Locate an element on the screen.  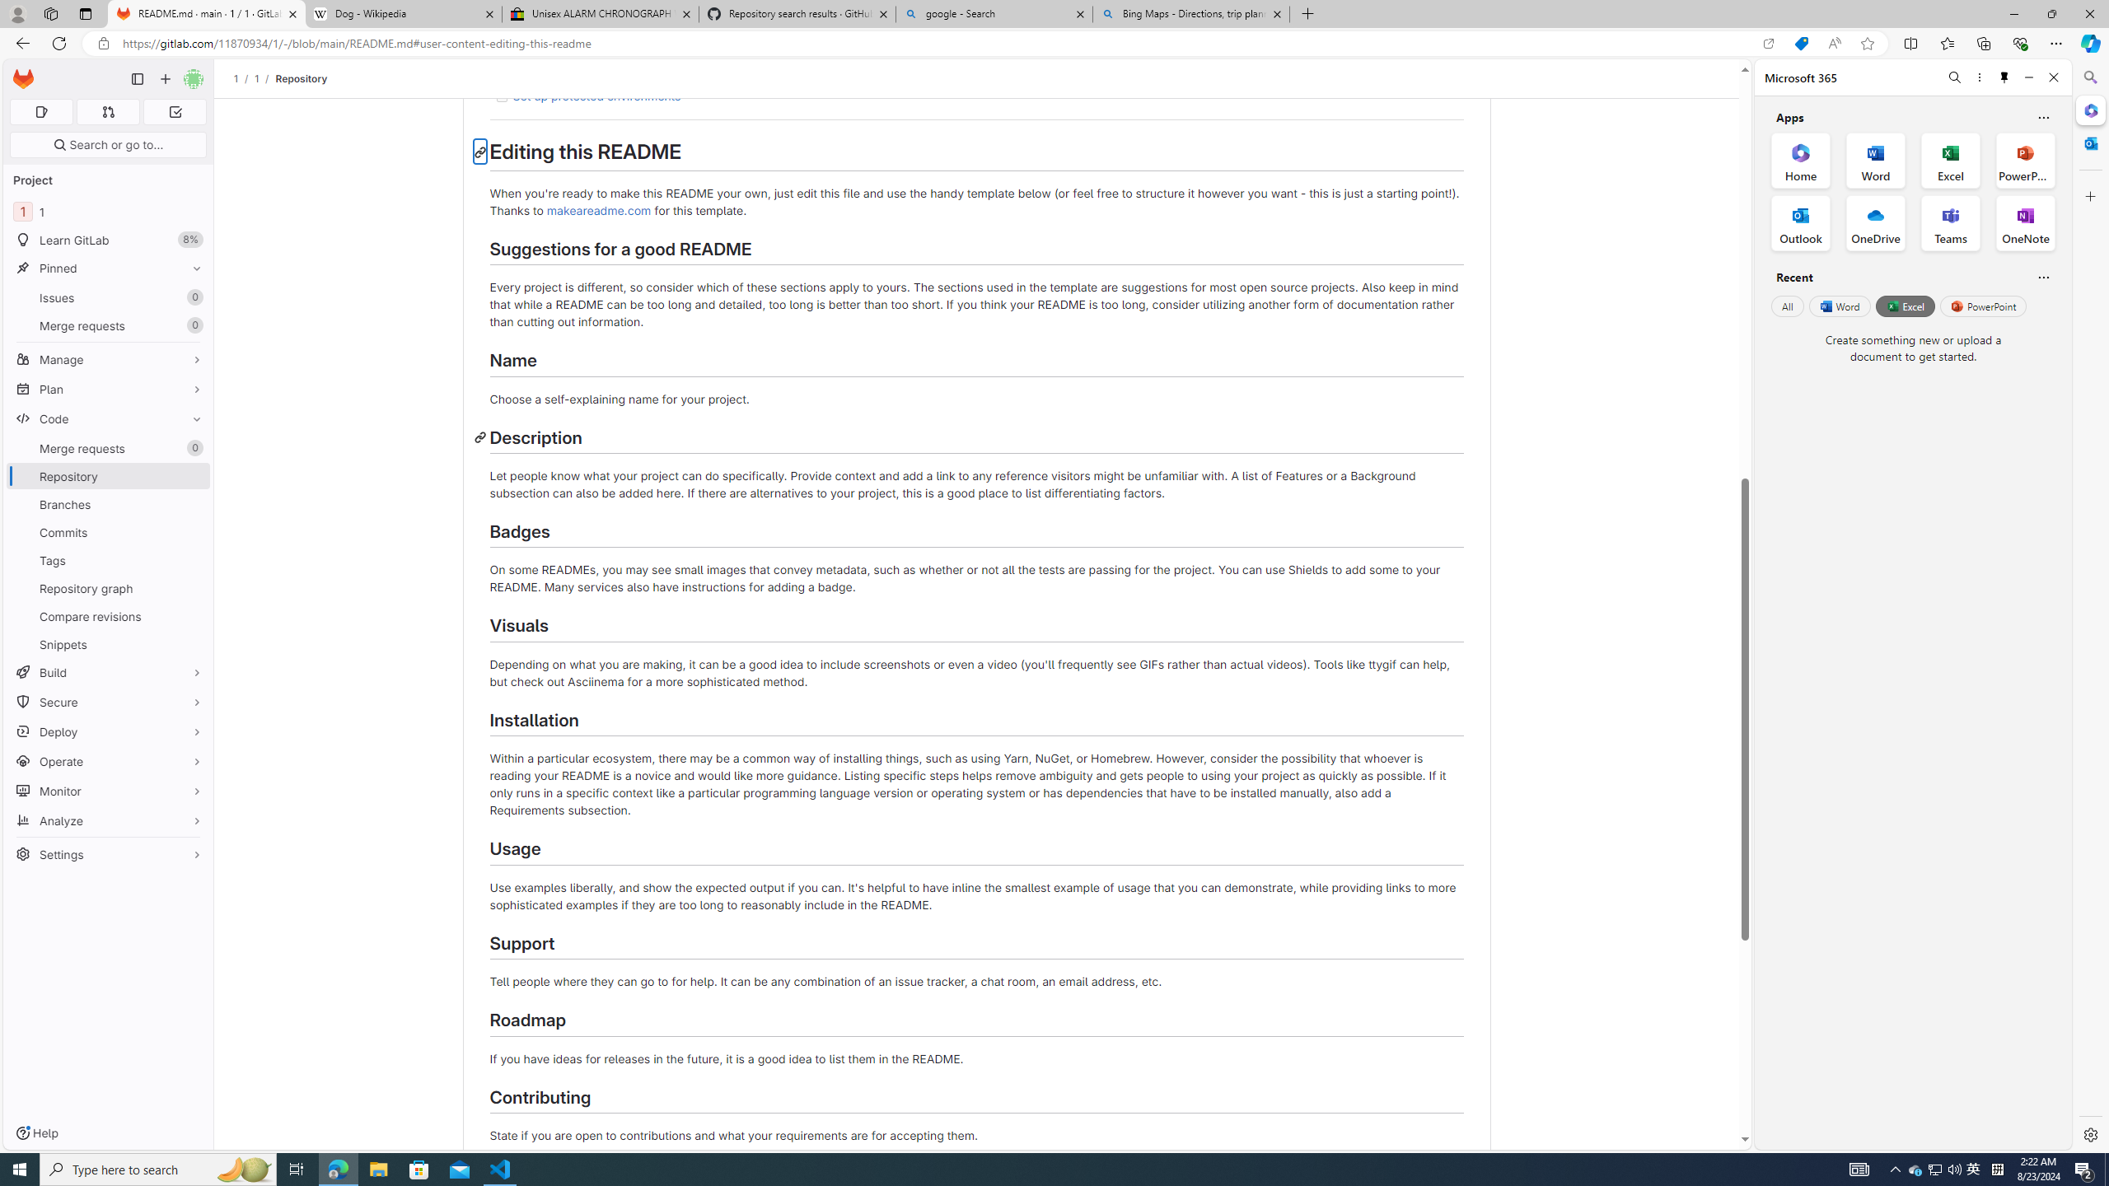
'Repository graph' is located at coordinates (107, 587).